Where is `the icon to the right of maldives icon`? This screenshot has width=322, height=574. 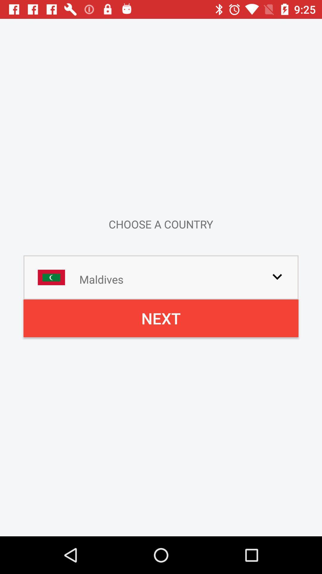 the icon to the right of maldives icon is located at coordinates (277, 276).